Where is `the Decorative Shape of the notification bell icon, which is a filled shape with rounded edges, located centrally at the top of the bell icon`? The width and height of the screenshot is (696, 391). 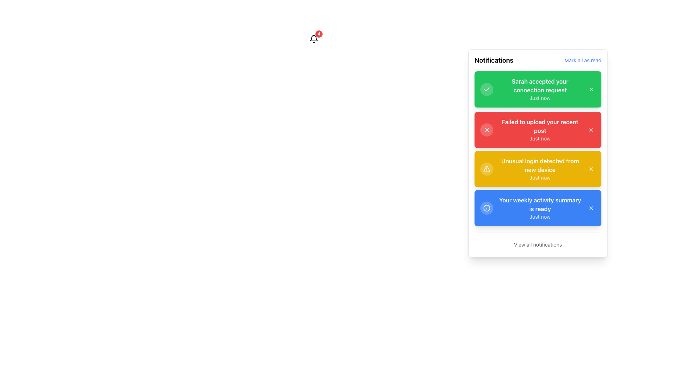
the Decorative Shape of the notification bell icon, which is a filled shape with rounded edges, located centrally at the top of the bell icon is located at coordinates (314, 38).